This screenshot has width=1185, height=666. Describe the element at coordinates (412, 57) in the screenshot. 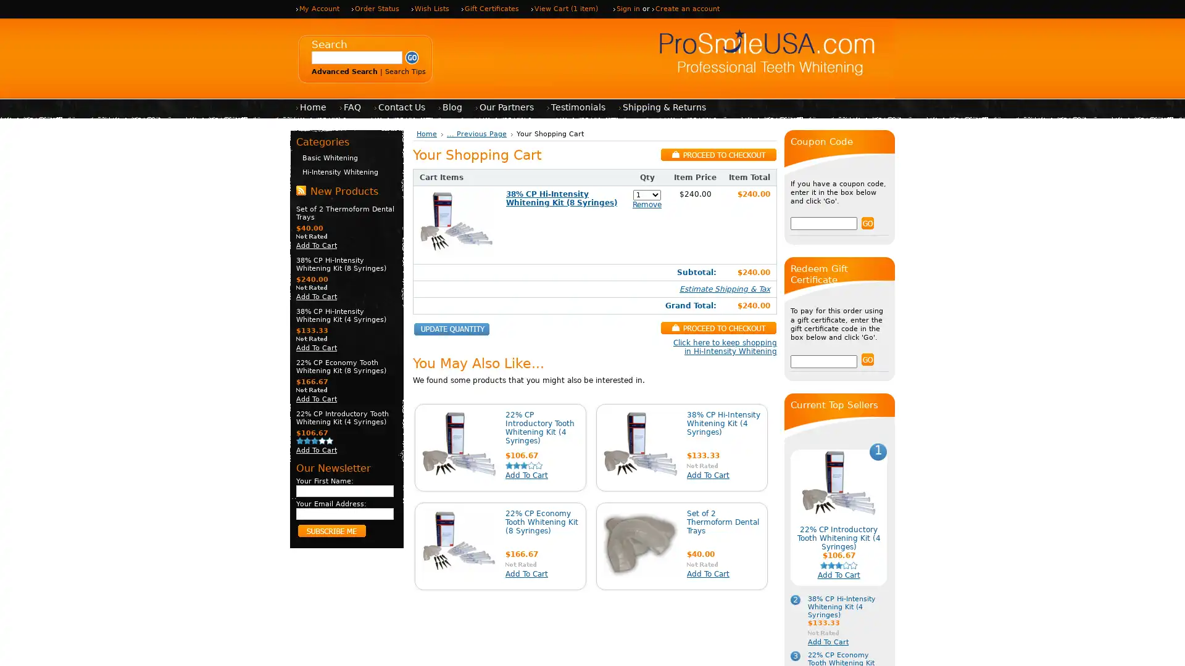

I see `Submit` at that location.